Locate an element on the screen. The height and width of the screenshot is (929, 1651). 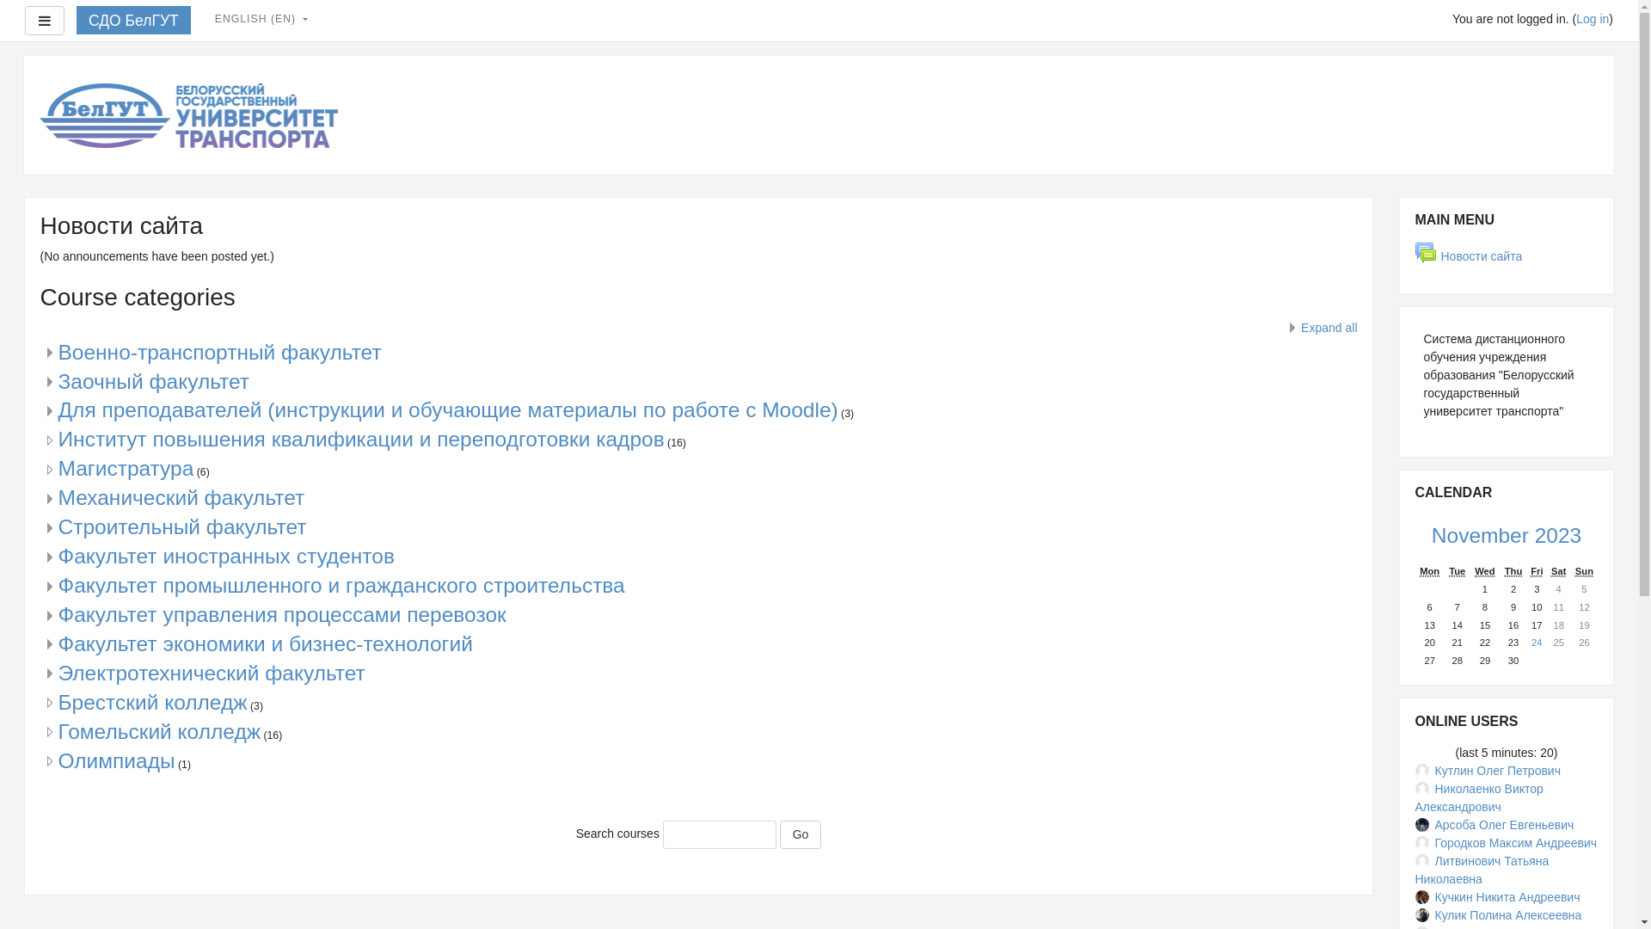
'Skip Main menu' is located at coordinates (1398, 195).